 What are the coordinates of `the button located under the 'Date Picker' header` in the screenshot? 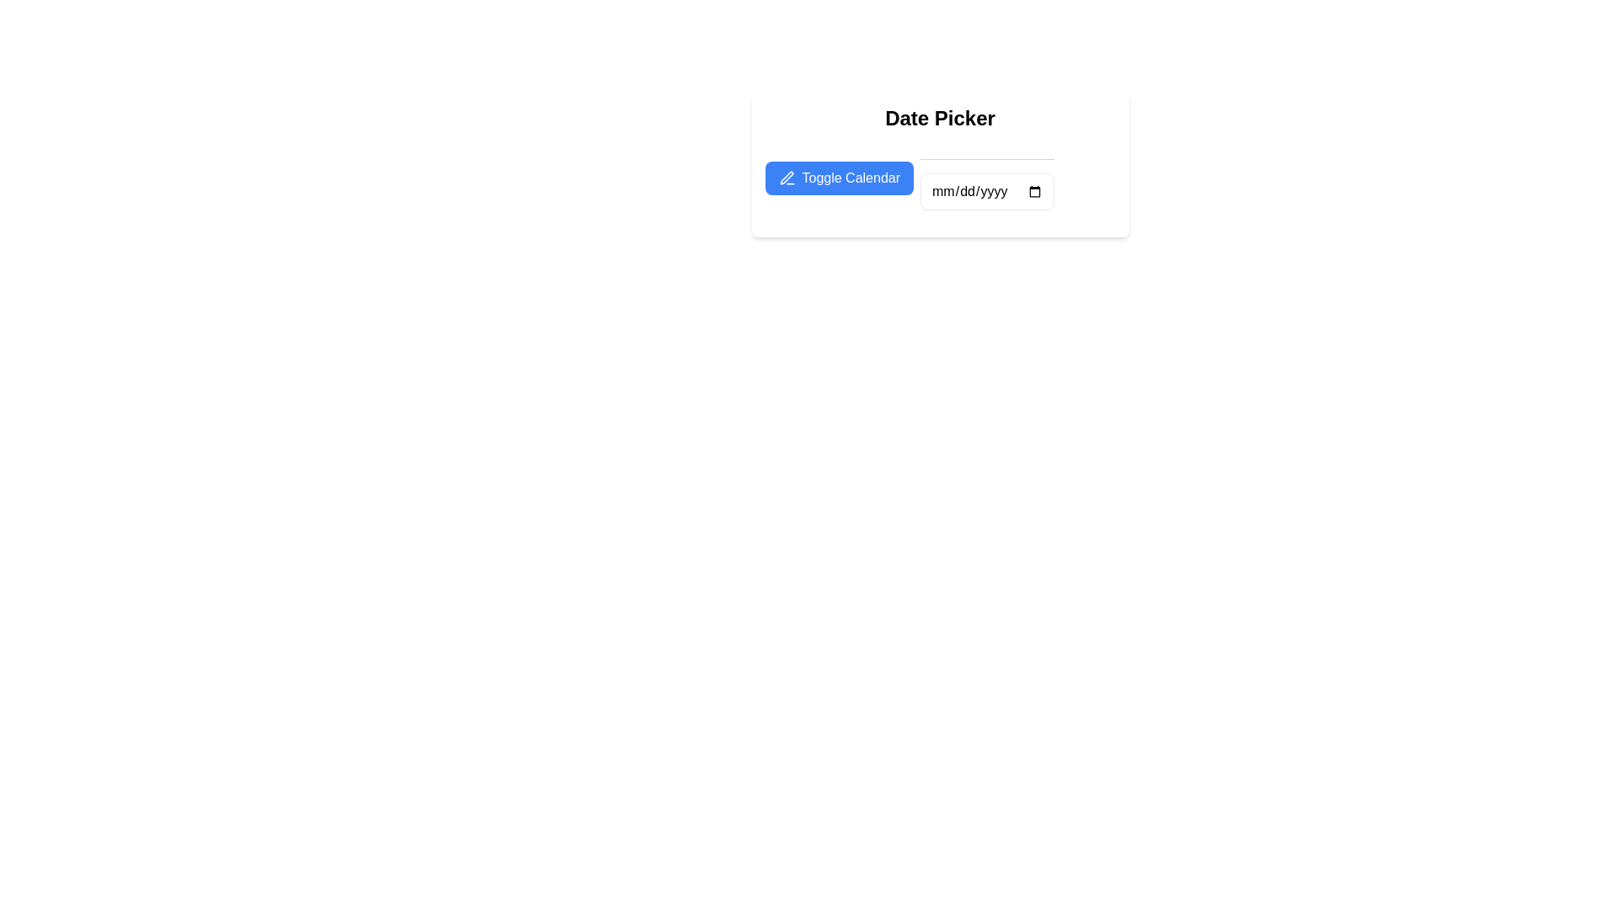 It's located at (839, 178).